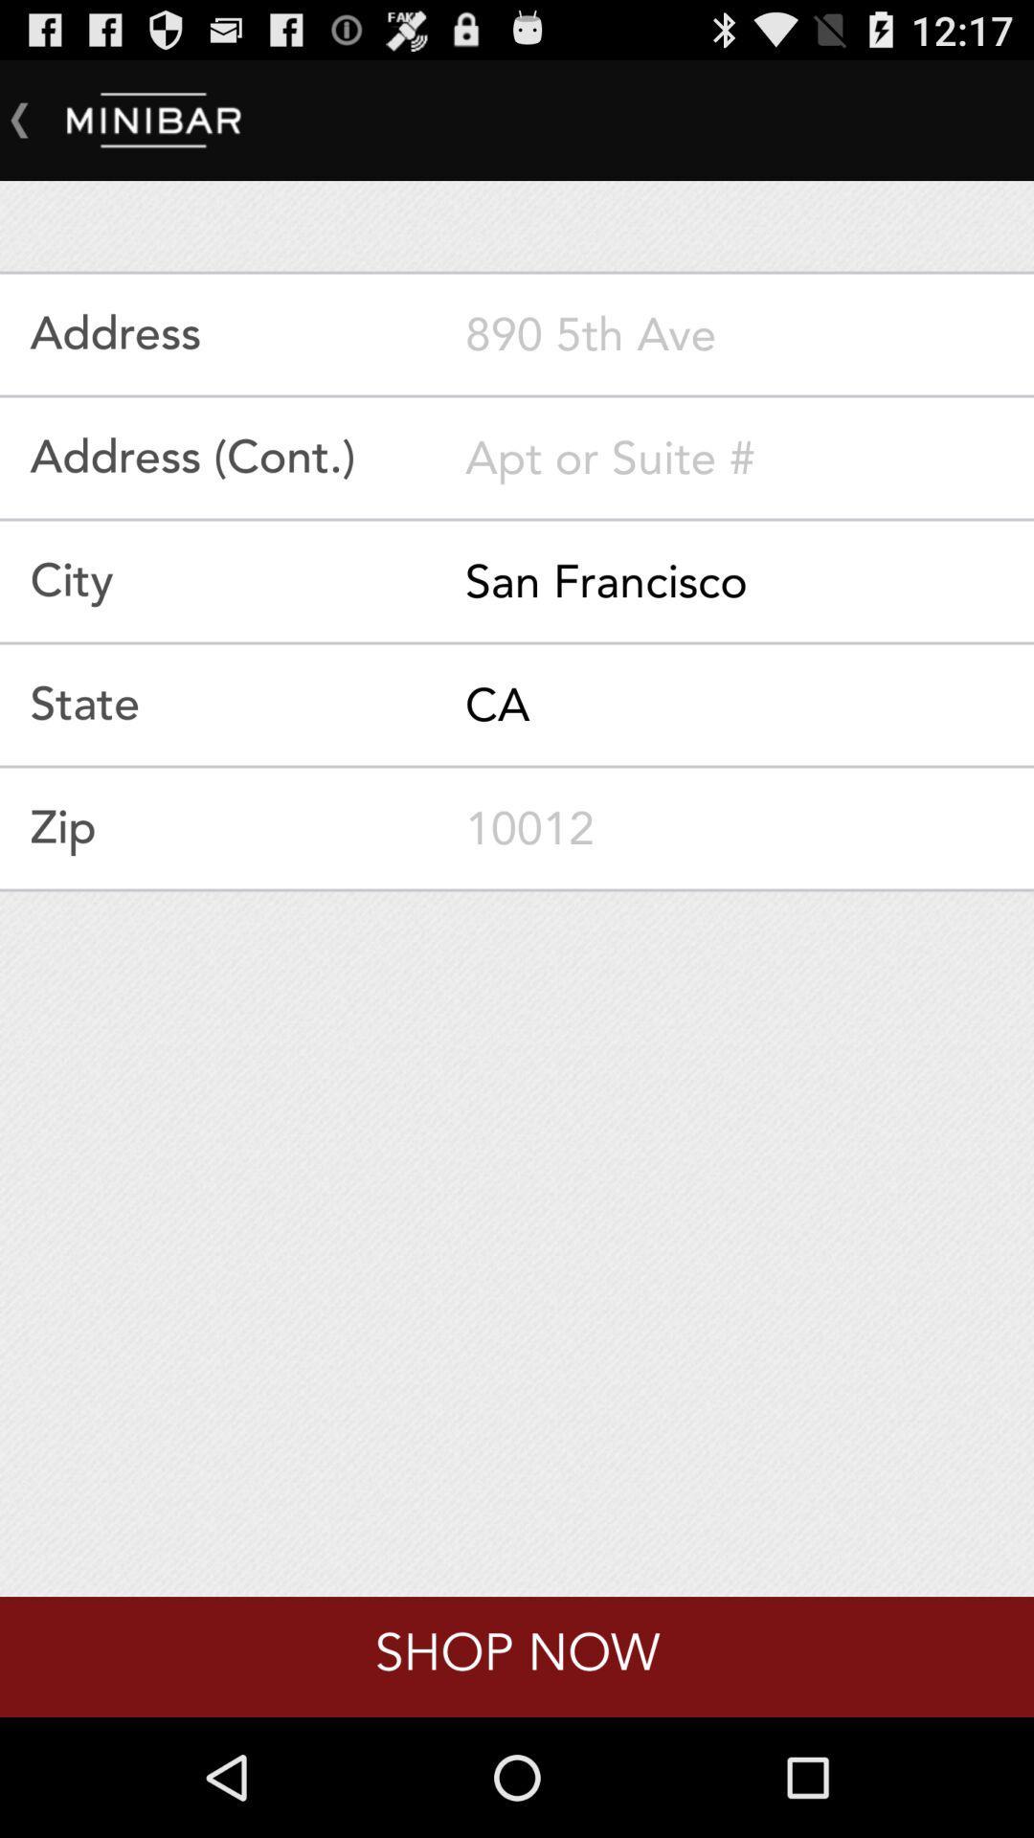 The height and width of the screenshot is (1838, 1034). Describe the element at coordinates (749, 334) in the screenshot. I see `ender the address` at that location.